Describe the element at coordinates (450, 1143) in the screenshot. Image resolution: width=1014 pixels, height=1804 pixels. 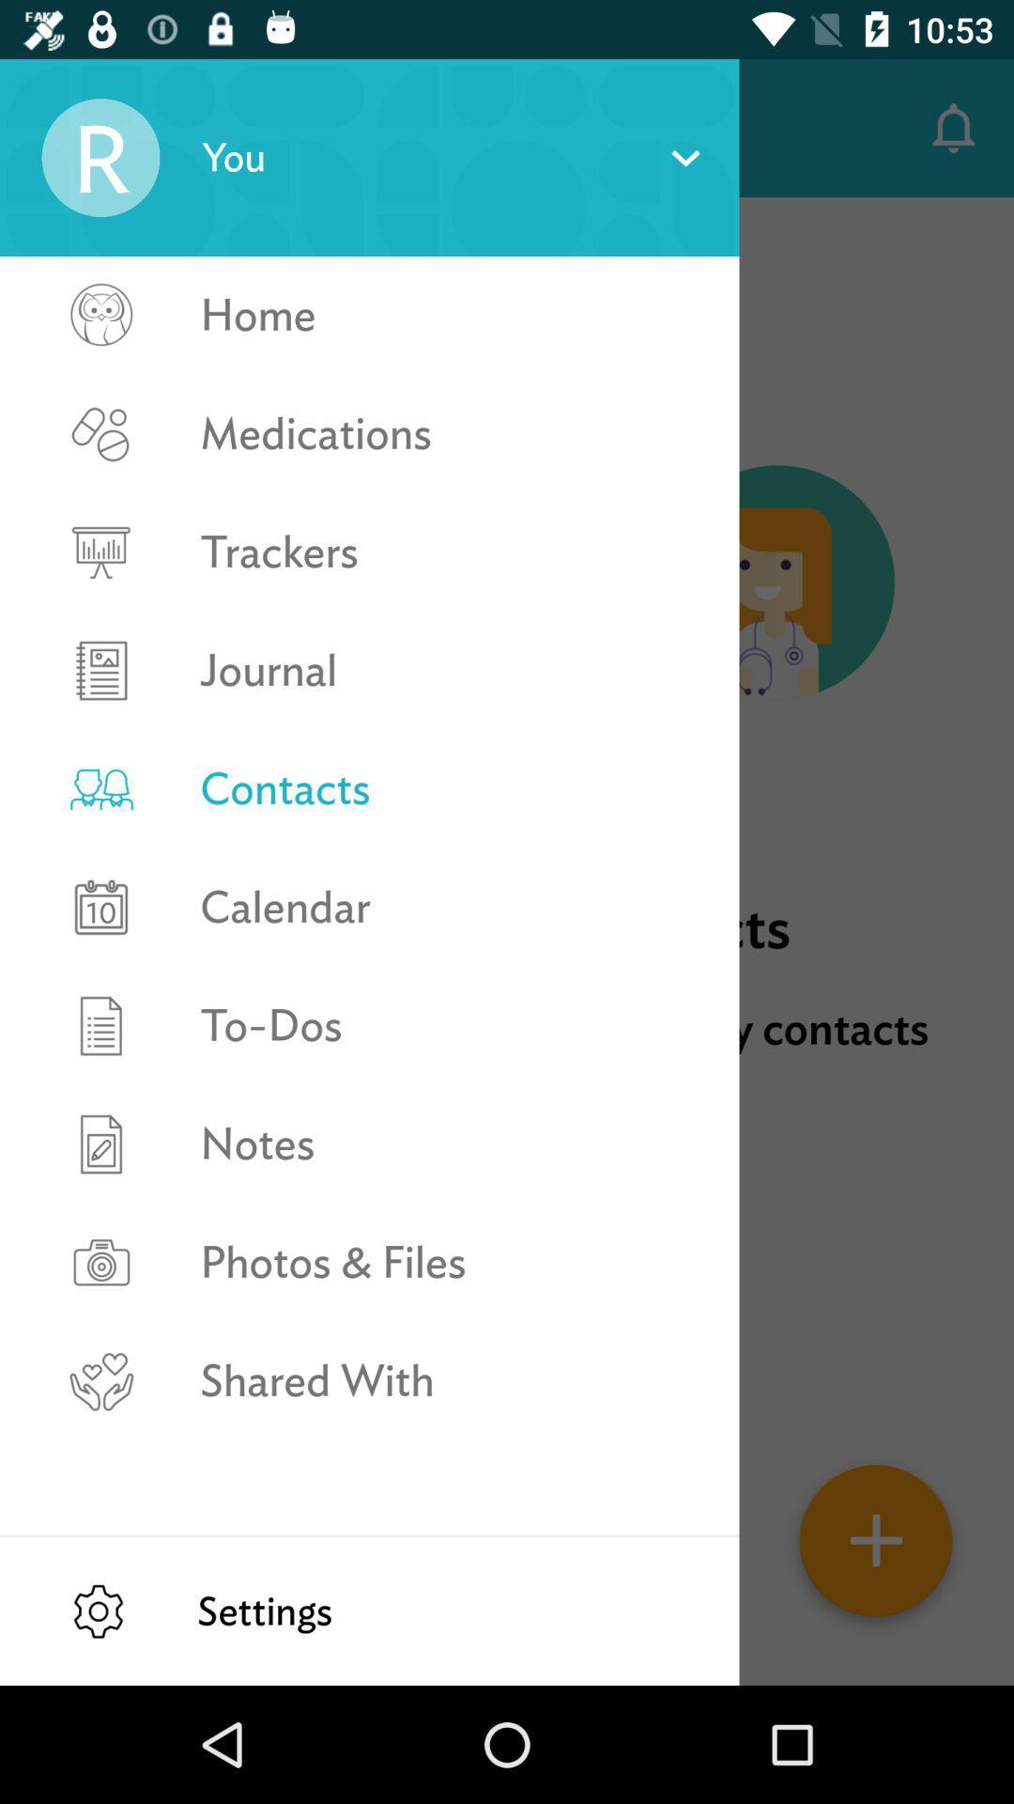
I see `the notes` at that location.